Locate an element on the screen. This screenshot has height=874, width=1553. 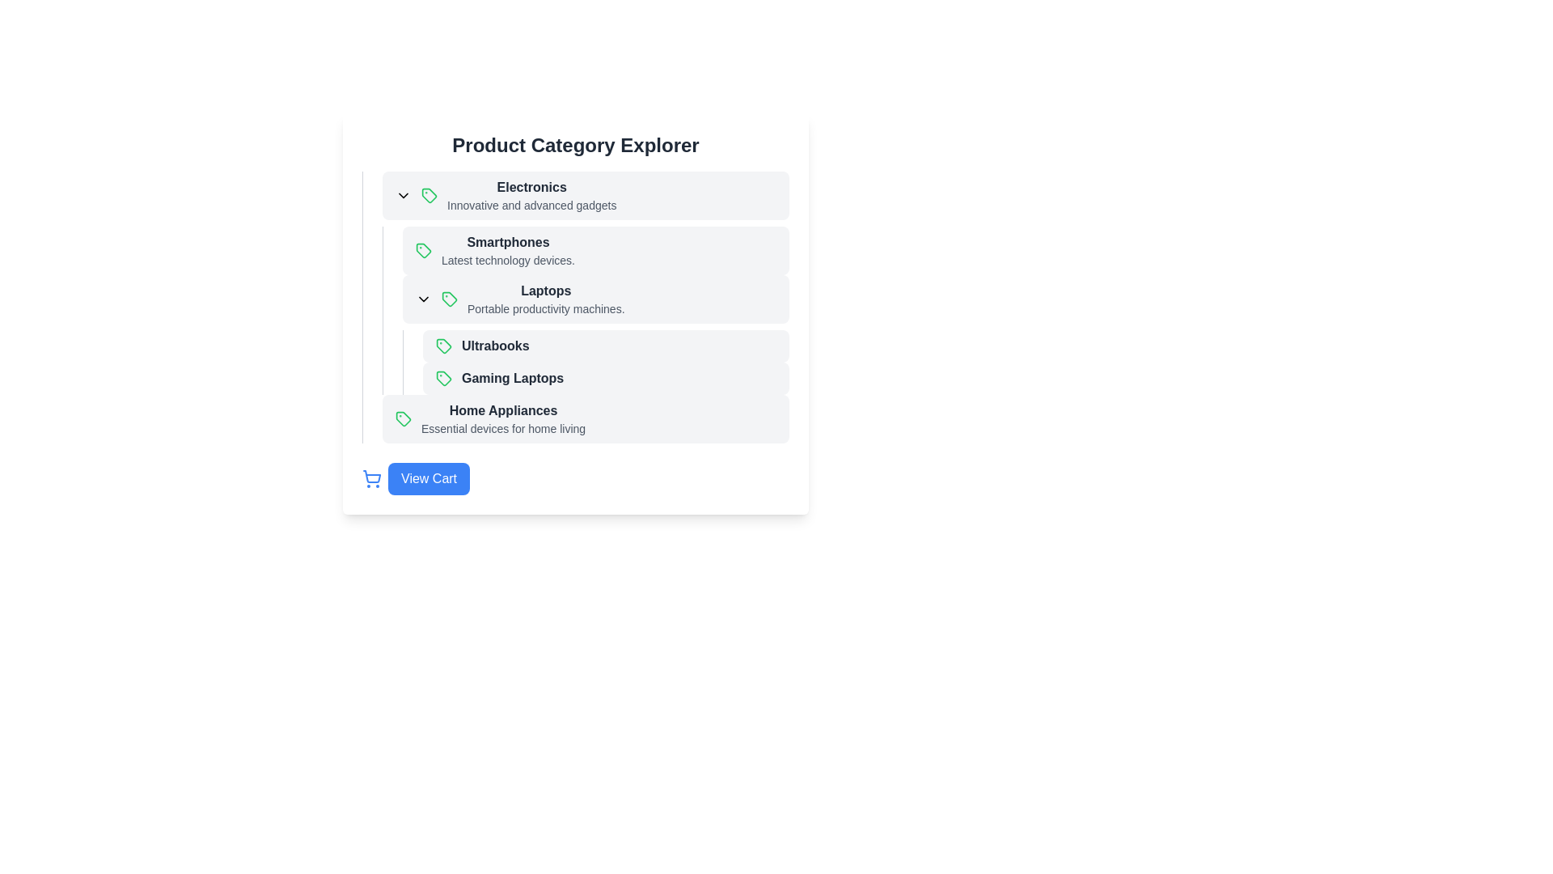
the first clickable list item labeled 'Ultrabooks' in the Laptops category is located at coordinates (595, 346).